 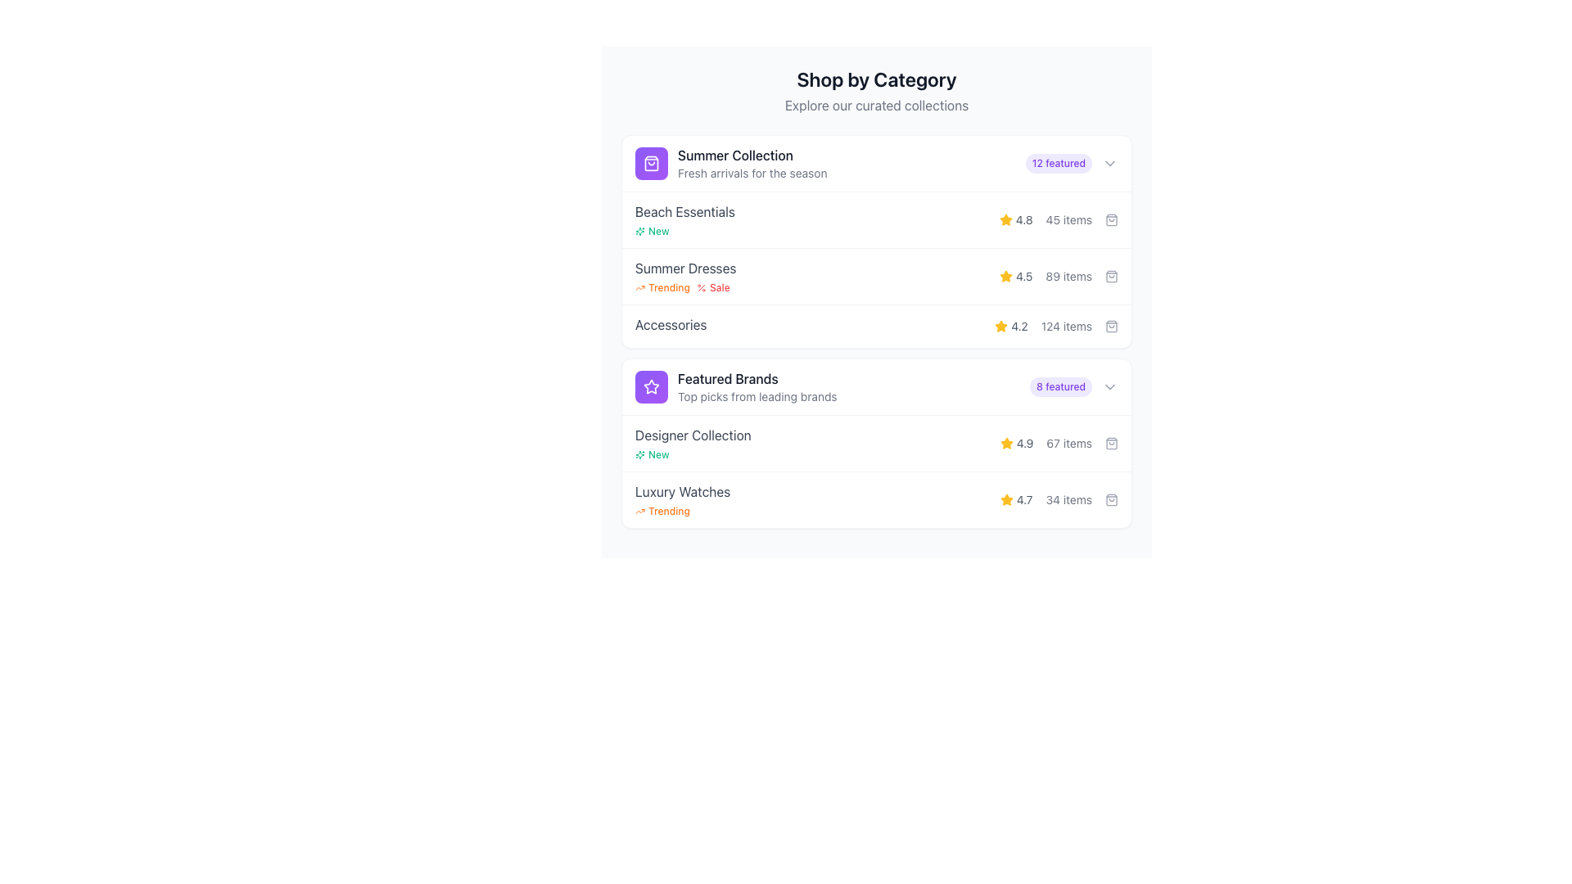 I want to click on the Dropdown trigger/button located in the 'Featured Brands' section, which indicates the number of featured items and provides a dropdown option when clicked, so click(x=1073, y=387).